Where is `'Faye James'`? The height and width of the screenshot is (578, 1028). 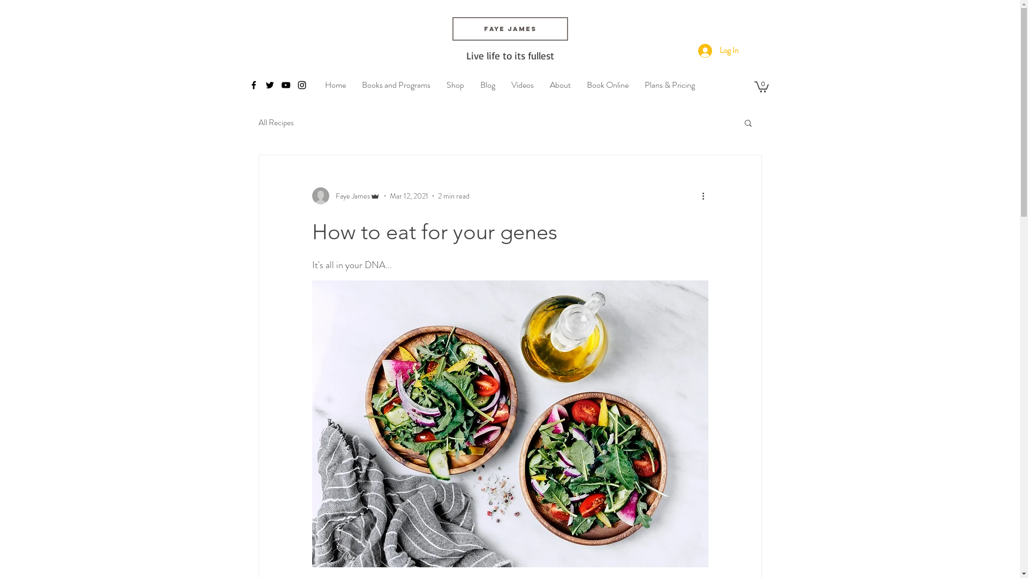
'Faye James' is located at coordinates (345, 196).